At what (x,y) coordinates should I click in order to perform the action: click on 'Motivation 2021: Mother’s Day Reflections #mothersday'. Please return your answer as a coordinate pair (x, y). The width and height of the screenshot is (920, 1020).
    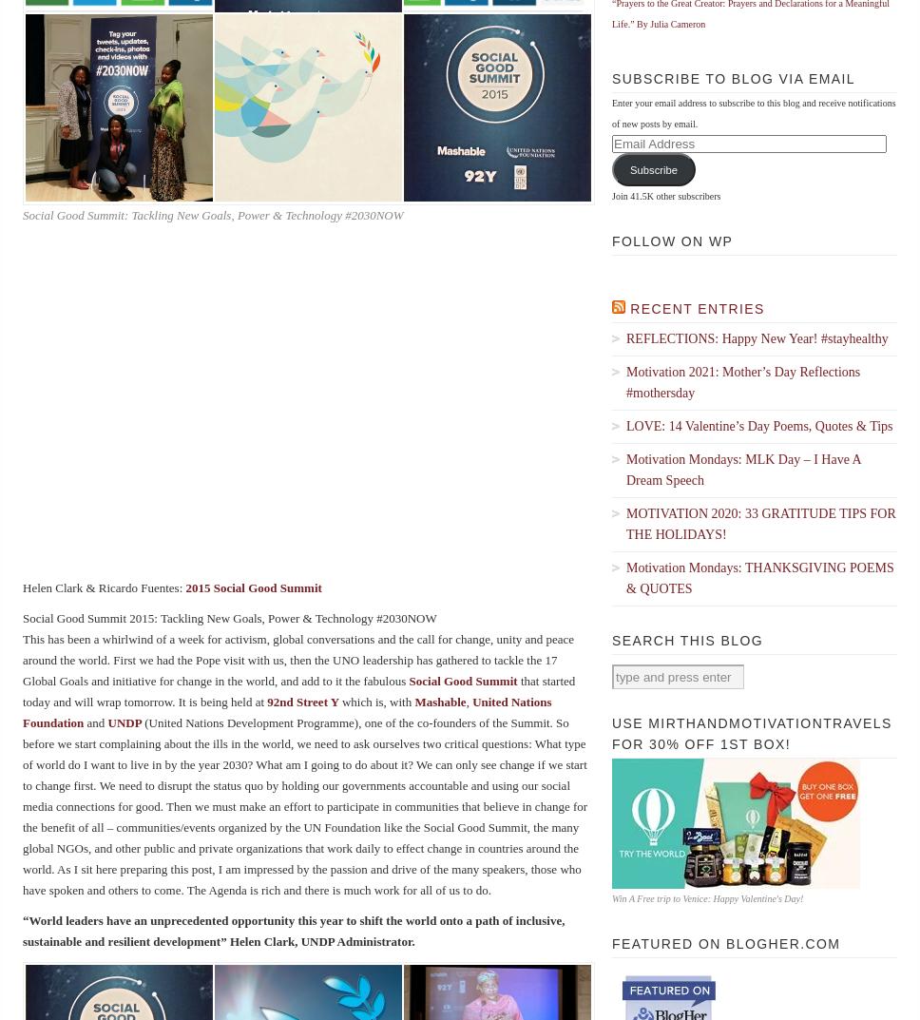
    Looking at the image, I should click on (626, 381).